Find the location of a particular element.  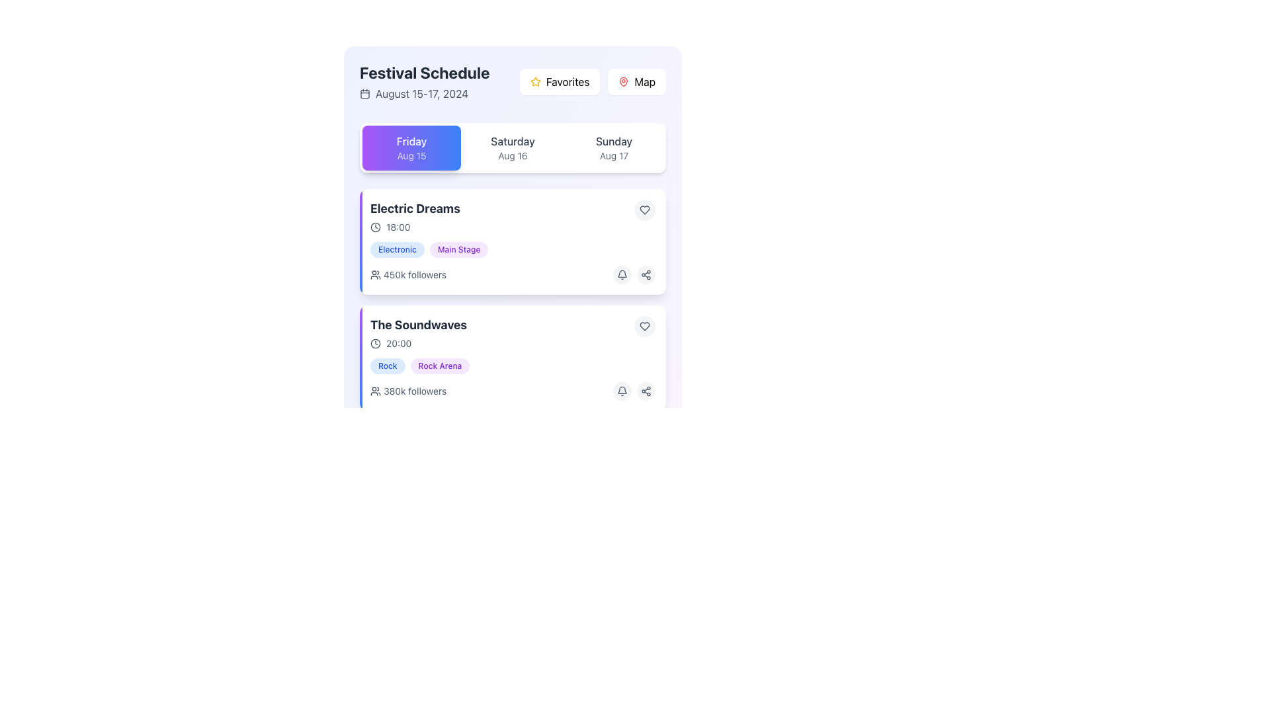

text of the Event Information Display located under the 'Friday' tab in the 'Festival Schedule' section, which is the first event listed is located at coordinates (414, 216).